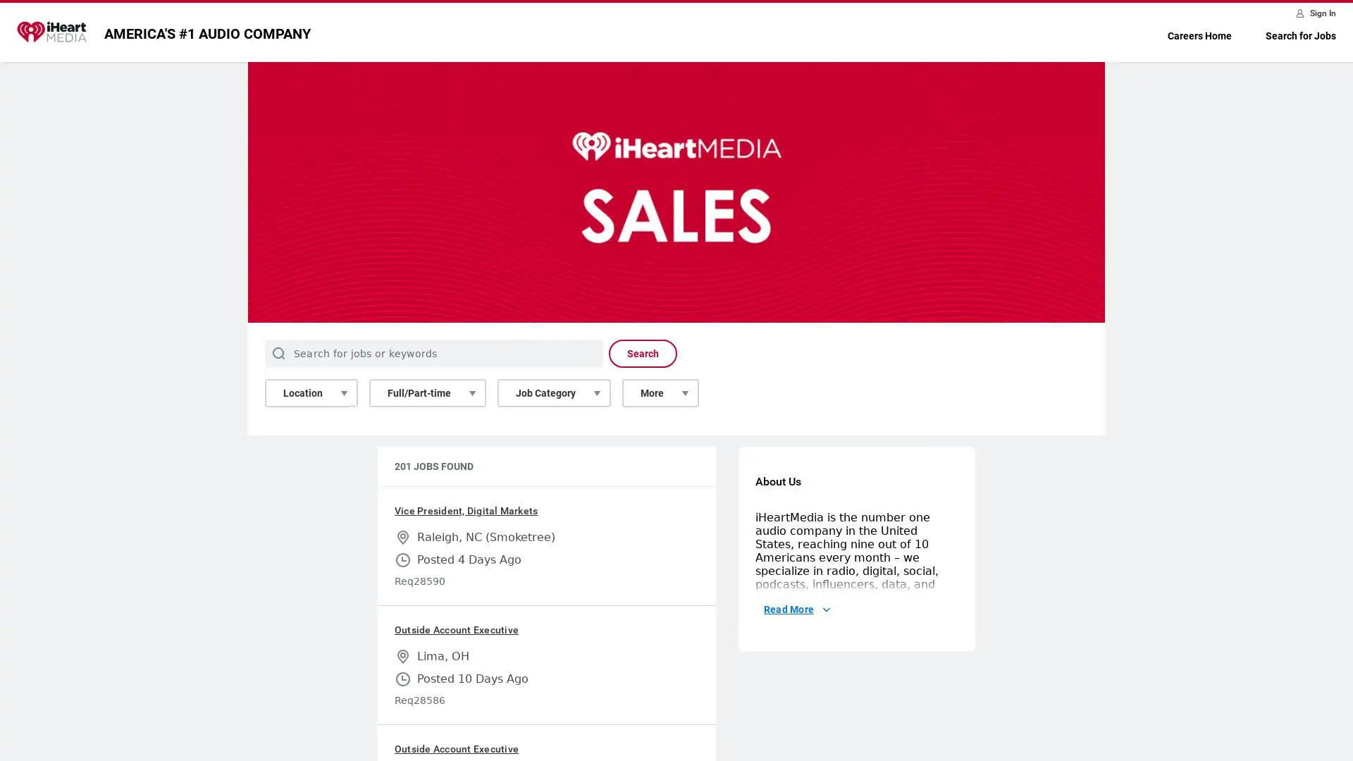 This screenshot has width=1353, height=761. Describe the element at coordinates (660, 393) in the screenshot. I see `More` at that location.